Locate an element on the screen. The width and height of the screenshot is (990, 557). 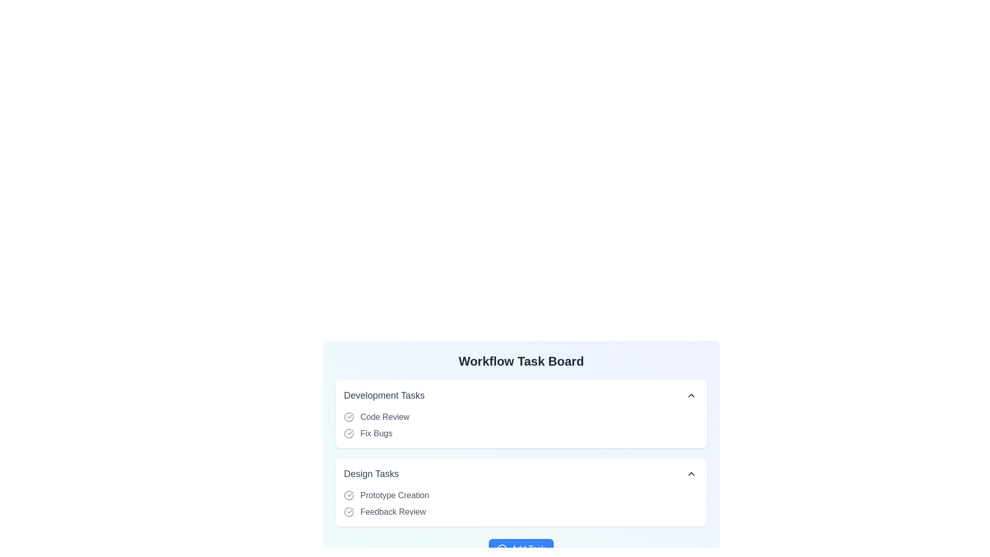
text header located at the top of the card-like component, which indicates the content or functionality of the section below it is located at coordinates (521, 361).